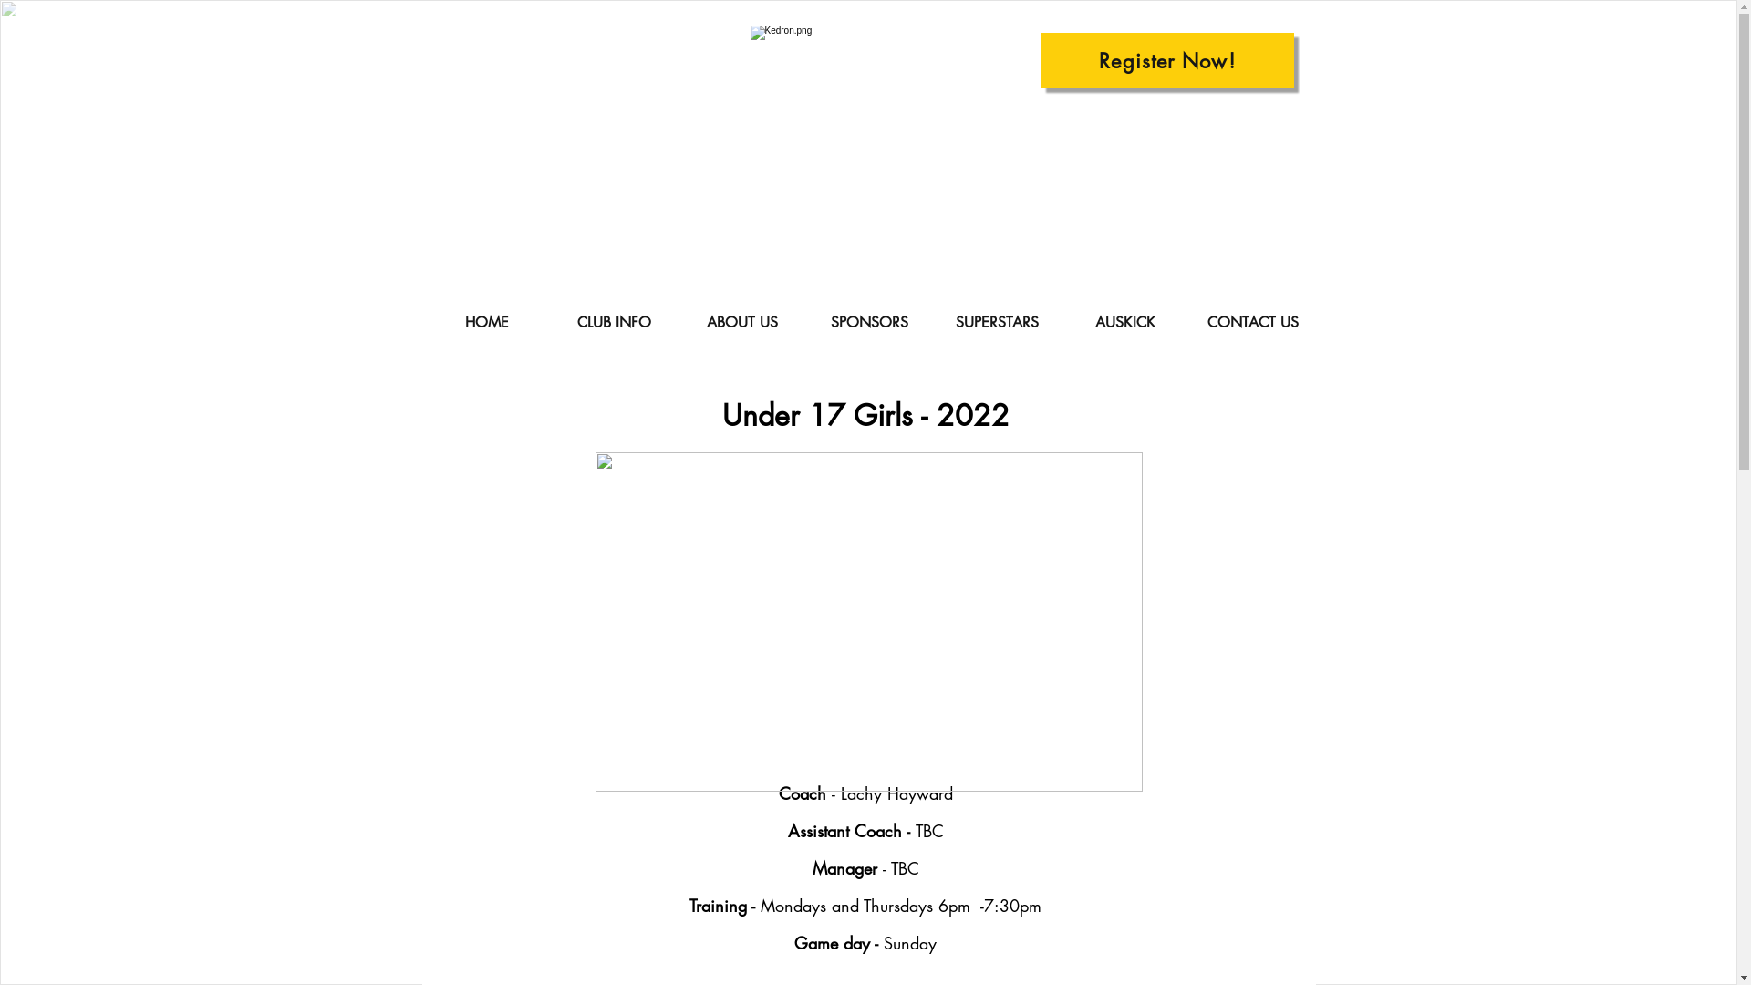 This screenshot has width=1751, height=985. Describe the element at coordinates (1189, 322) in the screenshot. I see `'CONTACT US'` at that location.